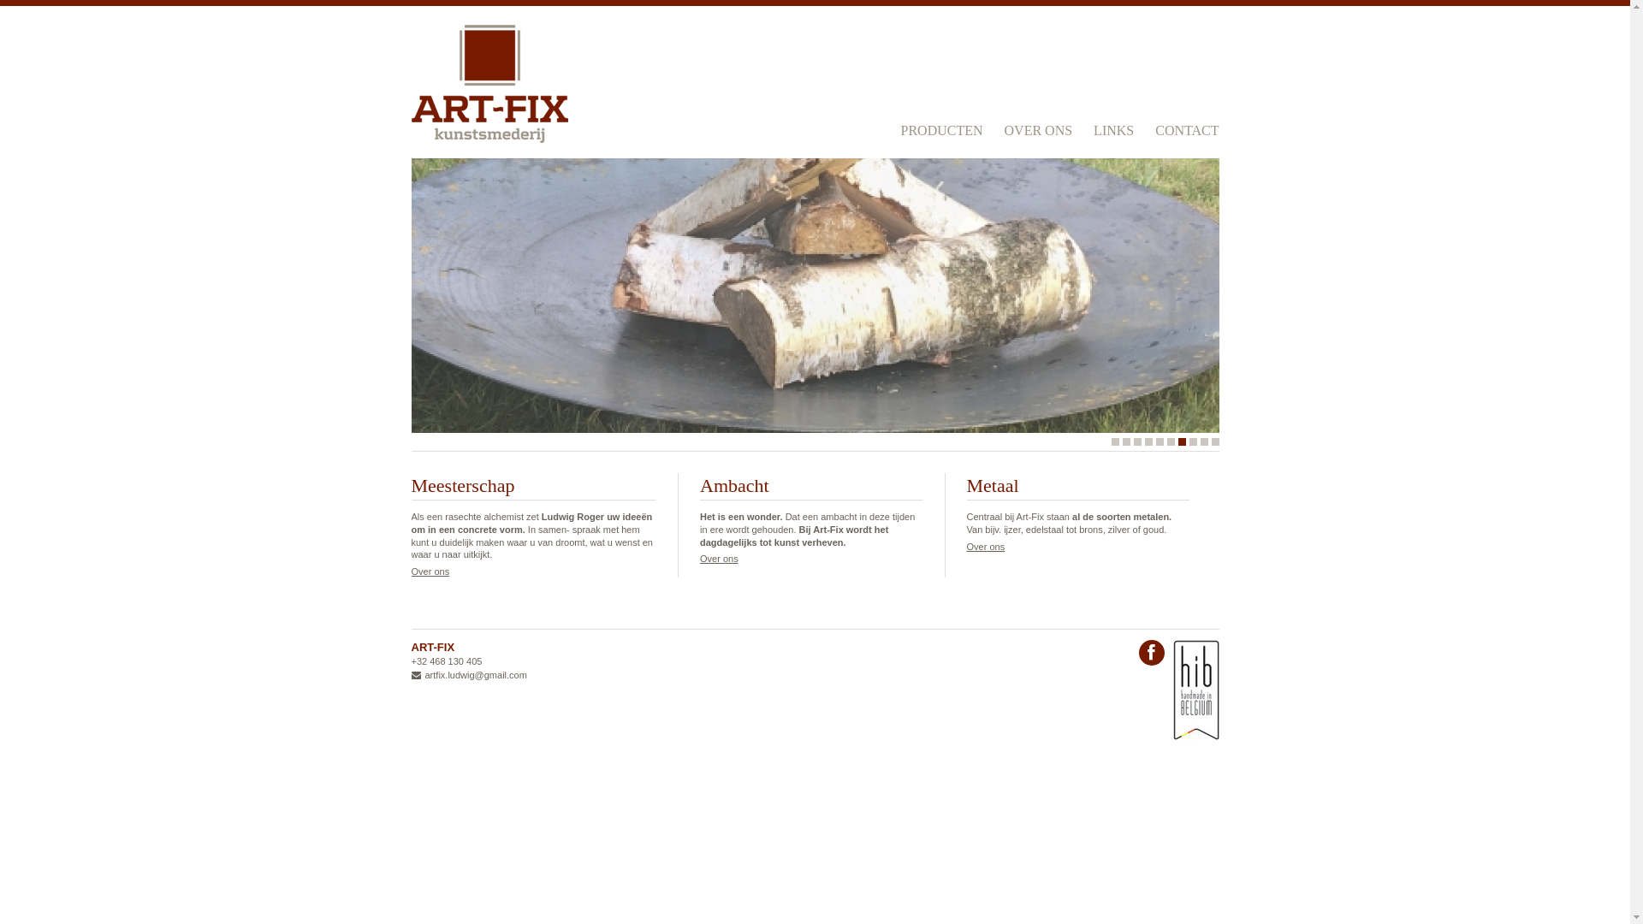 The height and width of the screenshot is (924, 1643). What do you see at coordinates (1214, 441) in the screenshot?
I see `'10'` at bounding box center [1214, 441].